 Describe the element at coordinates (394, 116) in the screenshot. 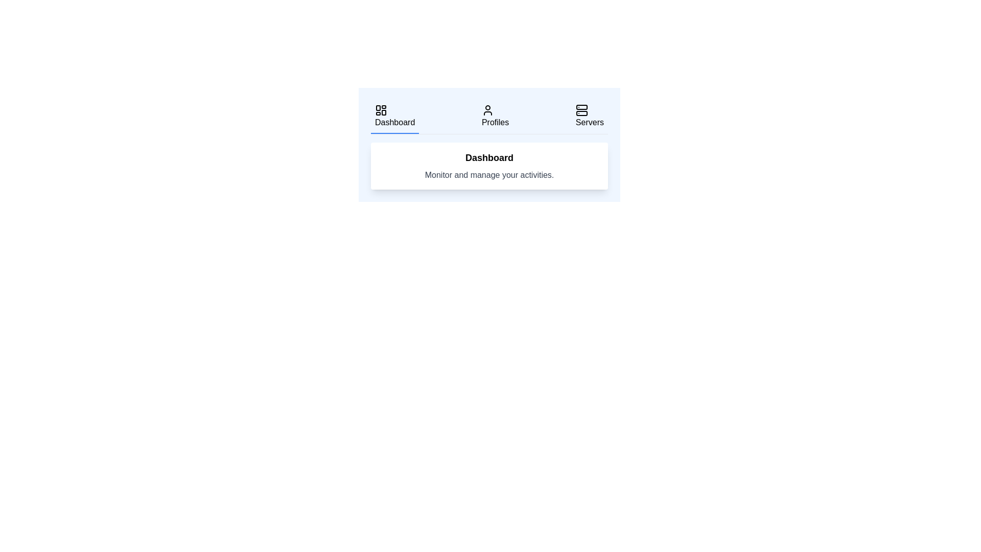

I see `the tab labeled Dashboard` at that location.